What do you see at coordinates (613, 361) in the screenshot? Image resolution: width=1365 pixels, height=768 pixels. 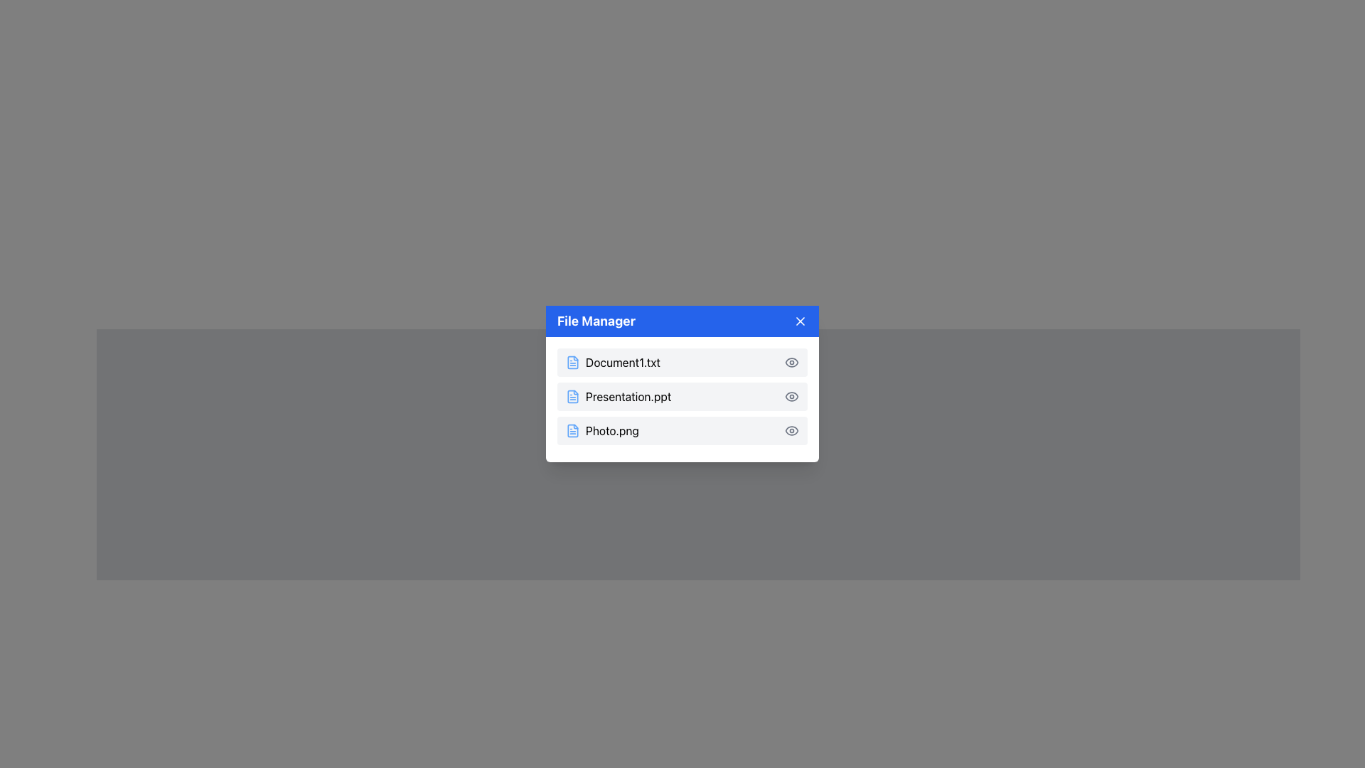 I see `the first file list item labeled 'Document1.txt' with a blue file icon in the File Manager panel` at bounding box center [613, 361].